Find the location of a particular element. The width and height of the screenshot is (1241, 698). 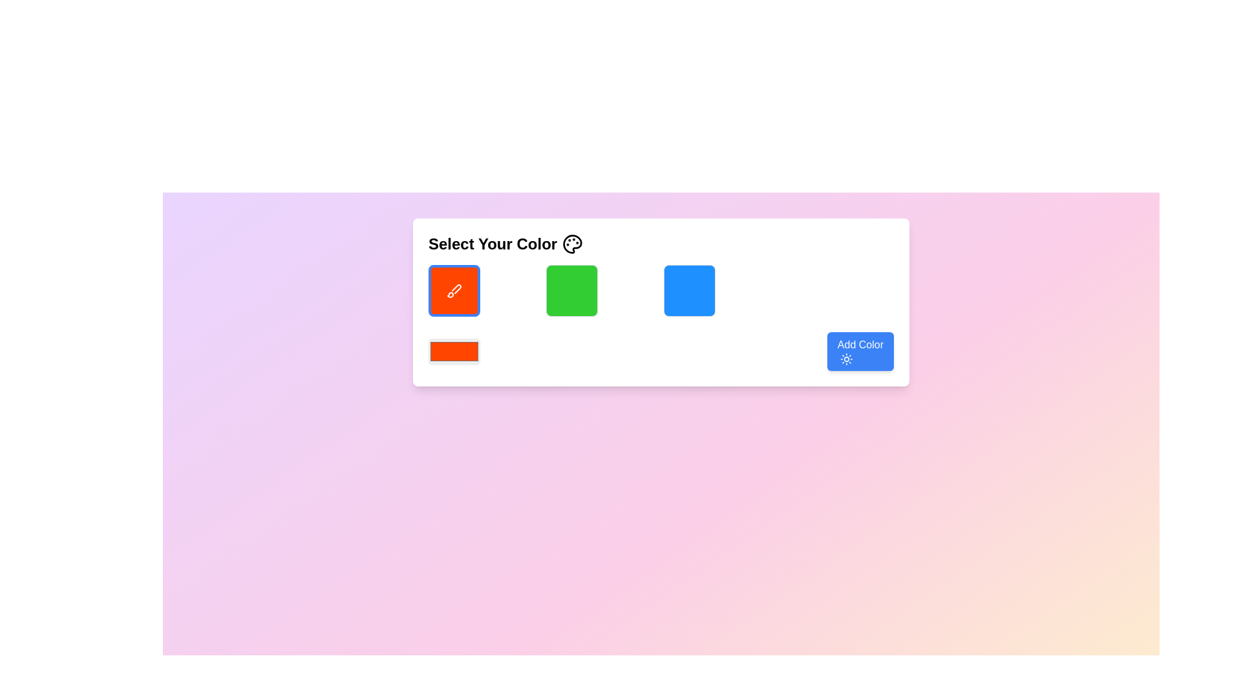

the sun-shaped icon with rays extending outward, which is positioned to the left of the 'Add Color' button is located at coordinates (846, 359).